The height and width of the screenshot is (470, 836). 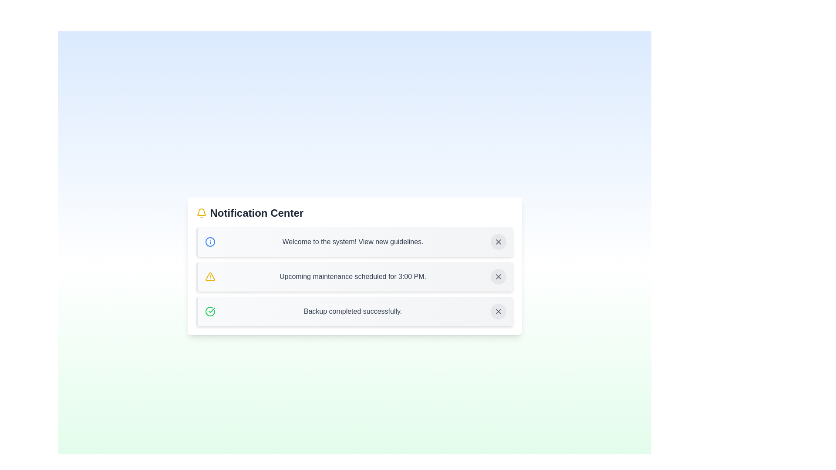 What do you see at coordinates (210, 242) in the screenshot?
I see `the informational icon located in the middle column of the topmost notification line` at bounding box center [210, 242].